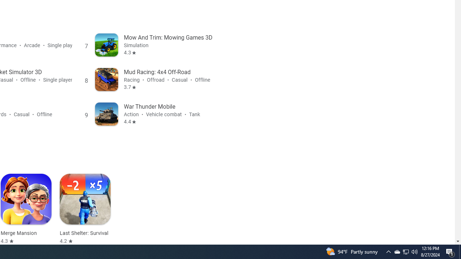  I want to click on 'Last Shelter: Survival Rated 4.2 stars out of five stars', so click(85, 209).